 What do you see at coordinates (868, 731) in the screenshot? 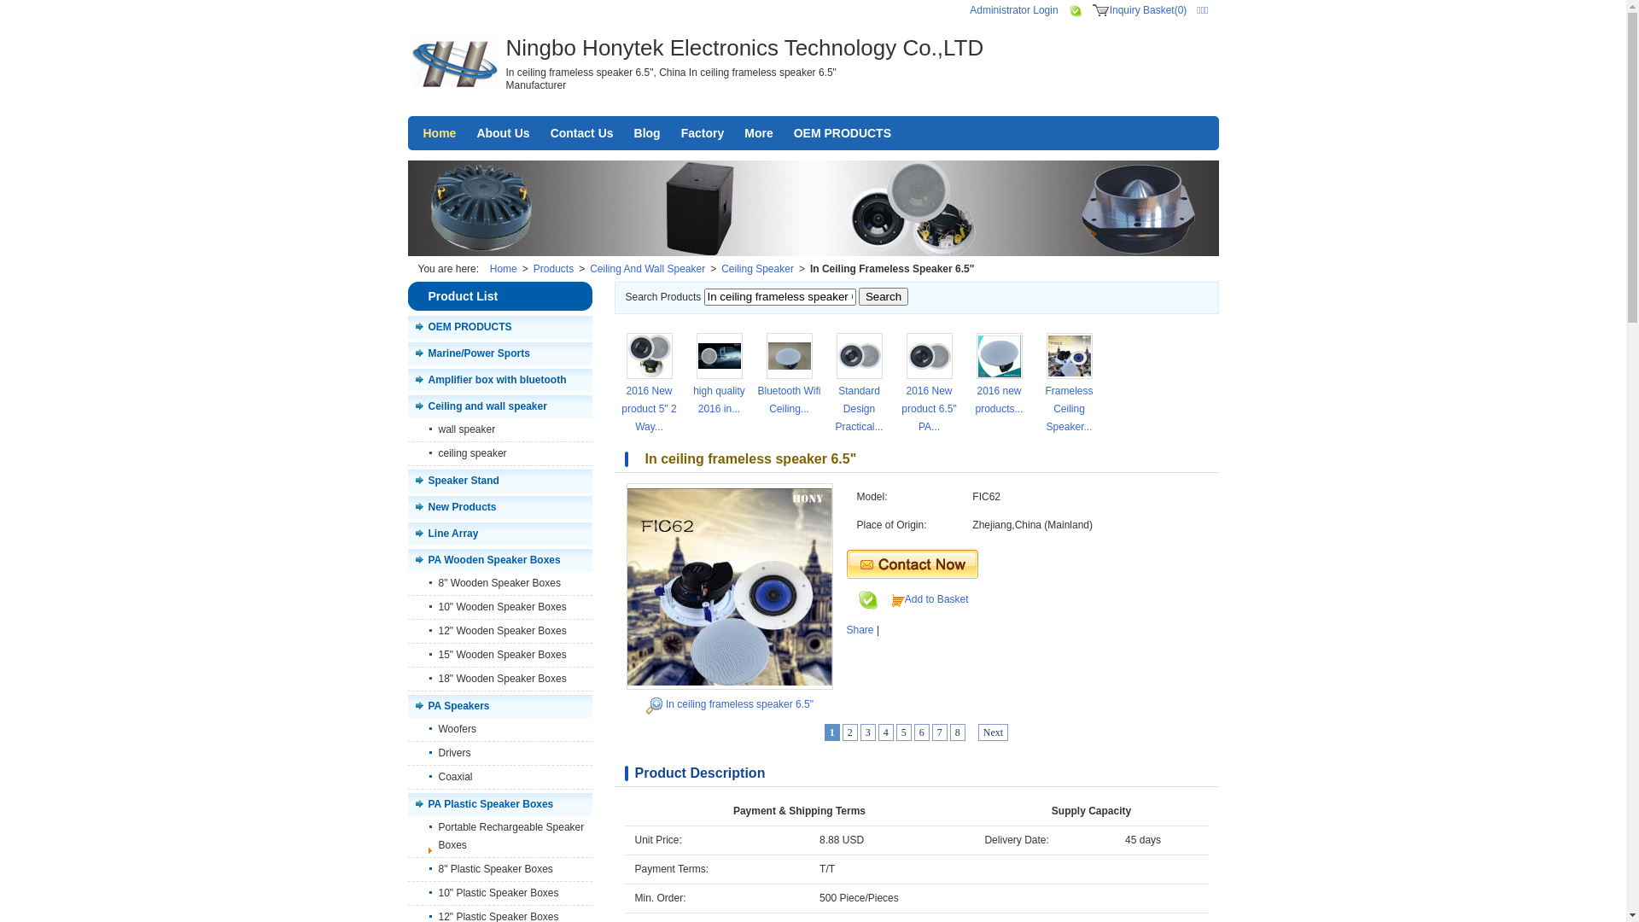
I see `'3'` at bounding box center [868, 731].